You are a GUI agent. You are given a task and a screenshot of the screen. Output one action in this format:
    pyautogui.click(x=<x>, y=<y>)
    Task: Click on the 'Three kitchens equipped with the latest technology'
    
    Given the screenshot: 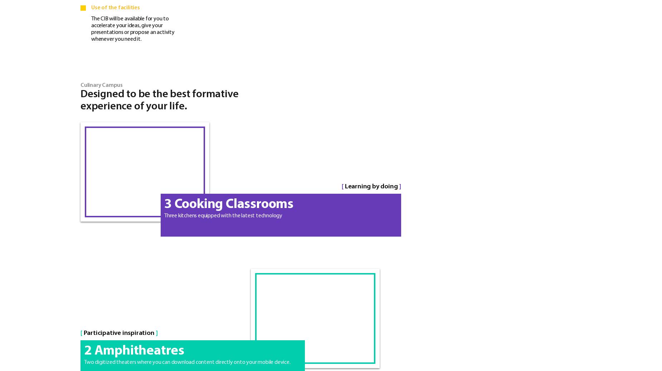 What is the action you would take?
    pyautogui.click(x=223, y=215)
    